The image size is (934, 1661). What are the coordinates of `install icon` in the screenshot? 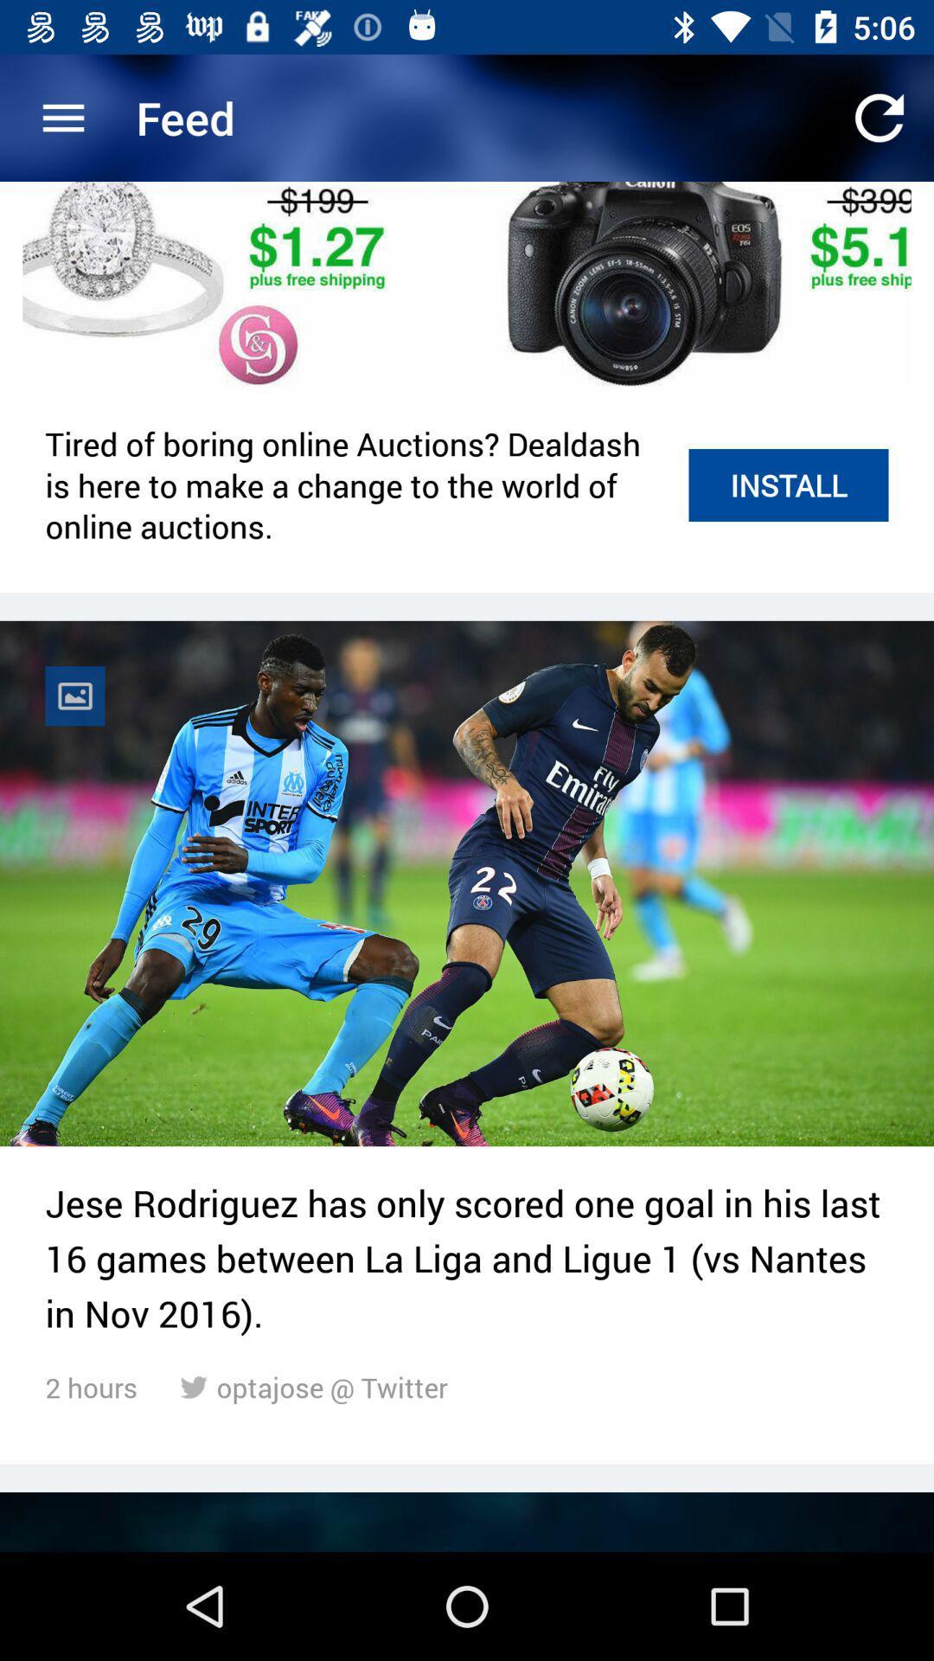 It's located at (788, 484).